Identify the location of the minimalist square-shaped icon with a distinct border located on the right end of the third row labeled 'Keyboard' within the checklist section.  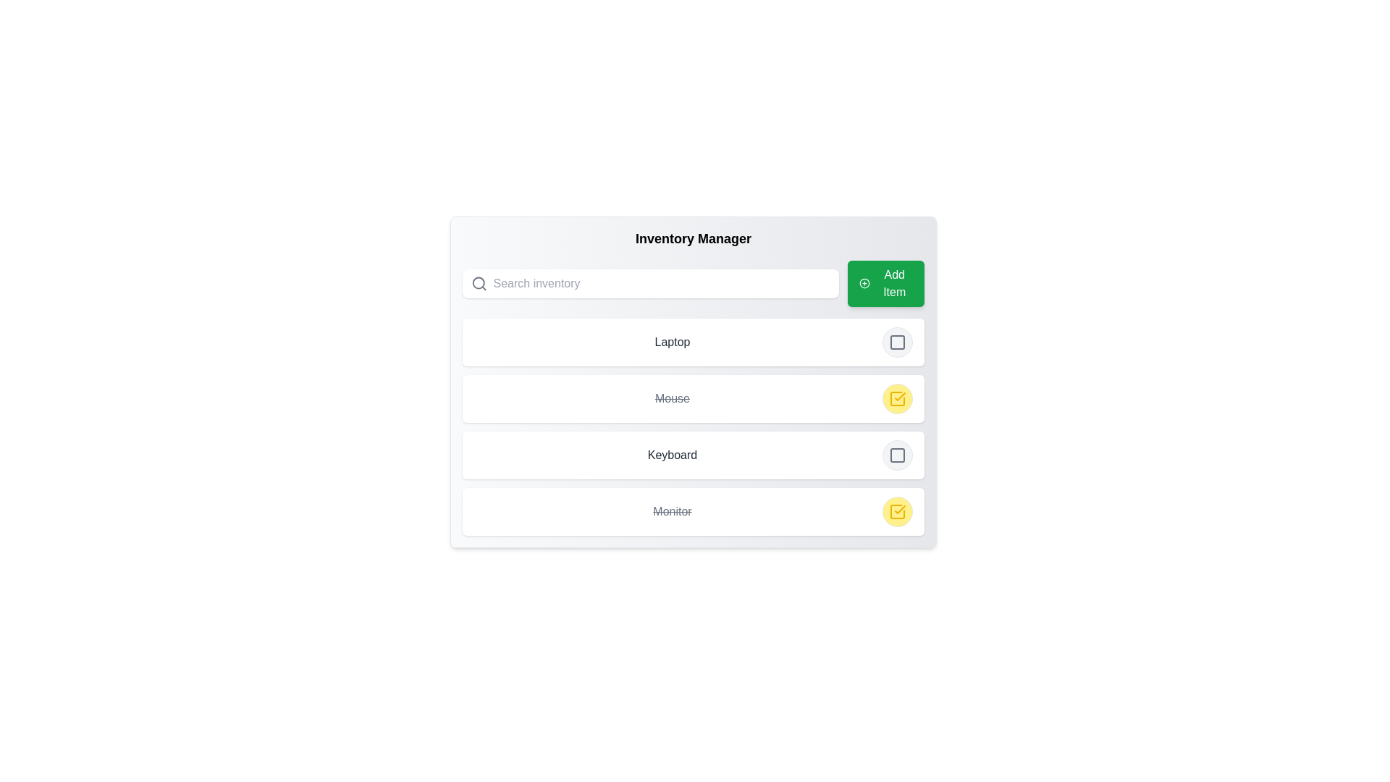
(896, 454).